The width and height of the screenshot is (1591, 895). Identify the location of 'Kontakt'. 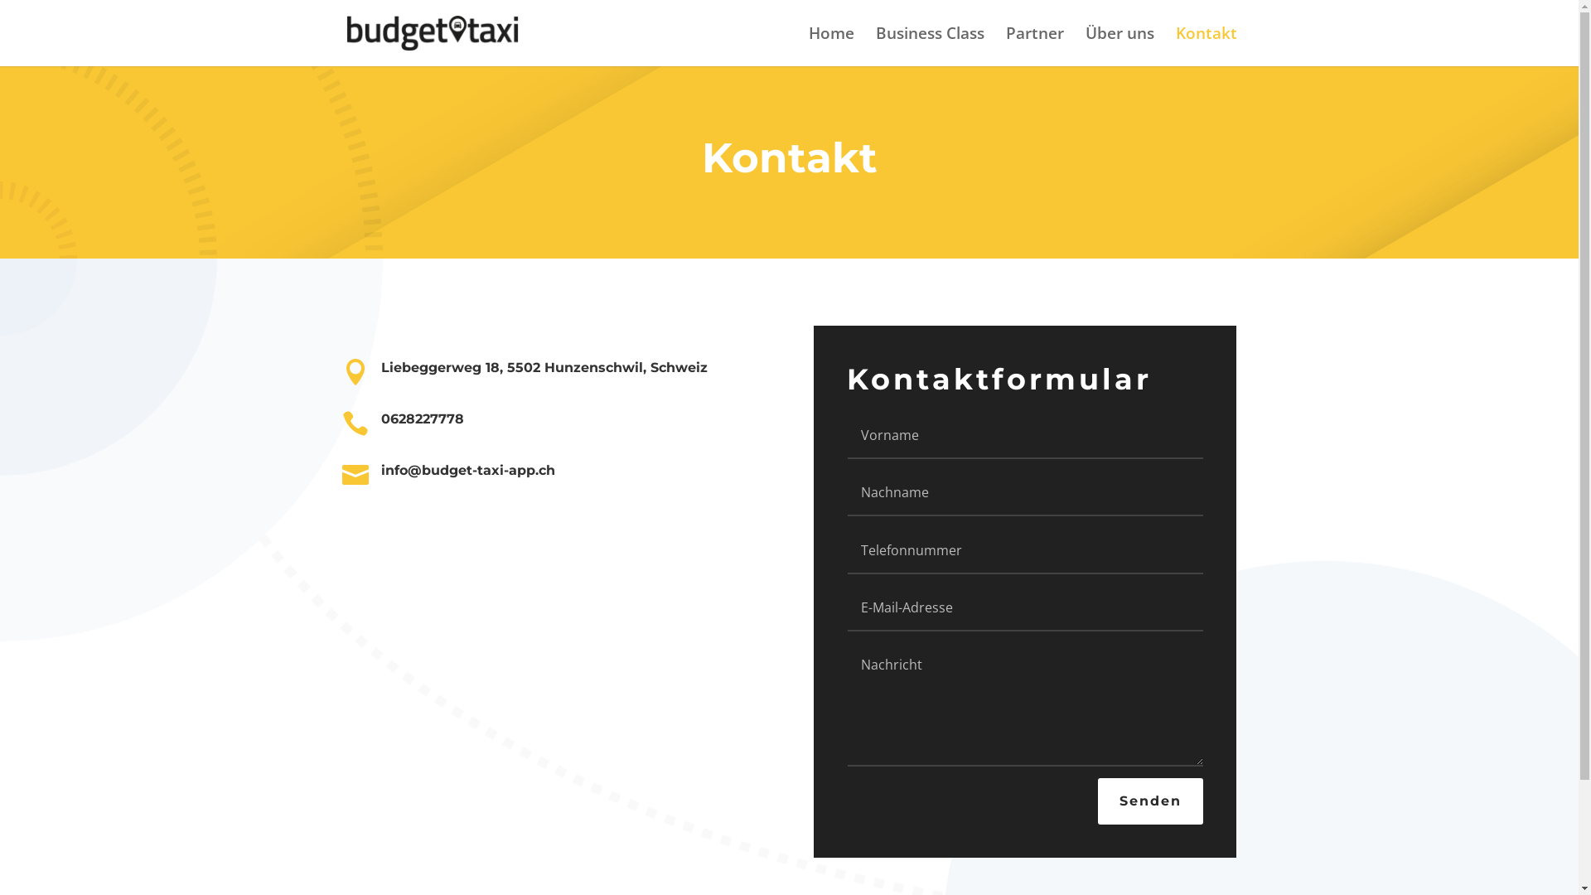
(1205, 46).